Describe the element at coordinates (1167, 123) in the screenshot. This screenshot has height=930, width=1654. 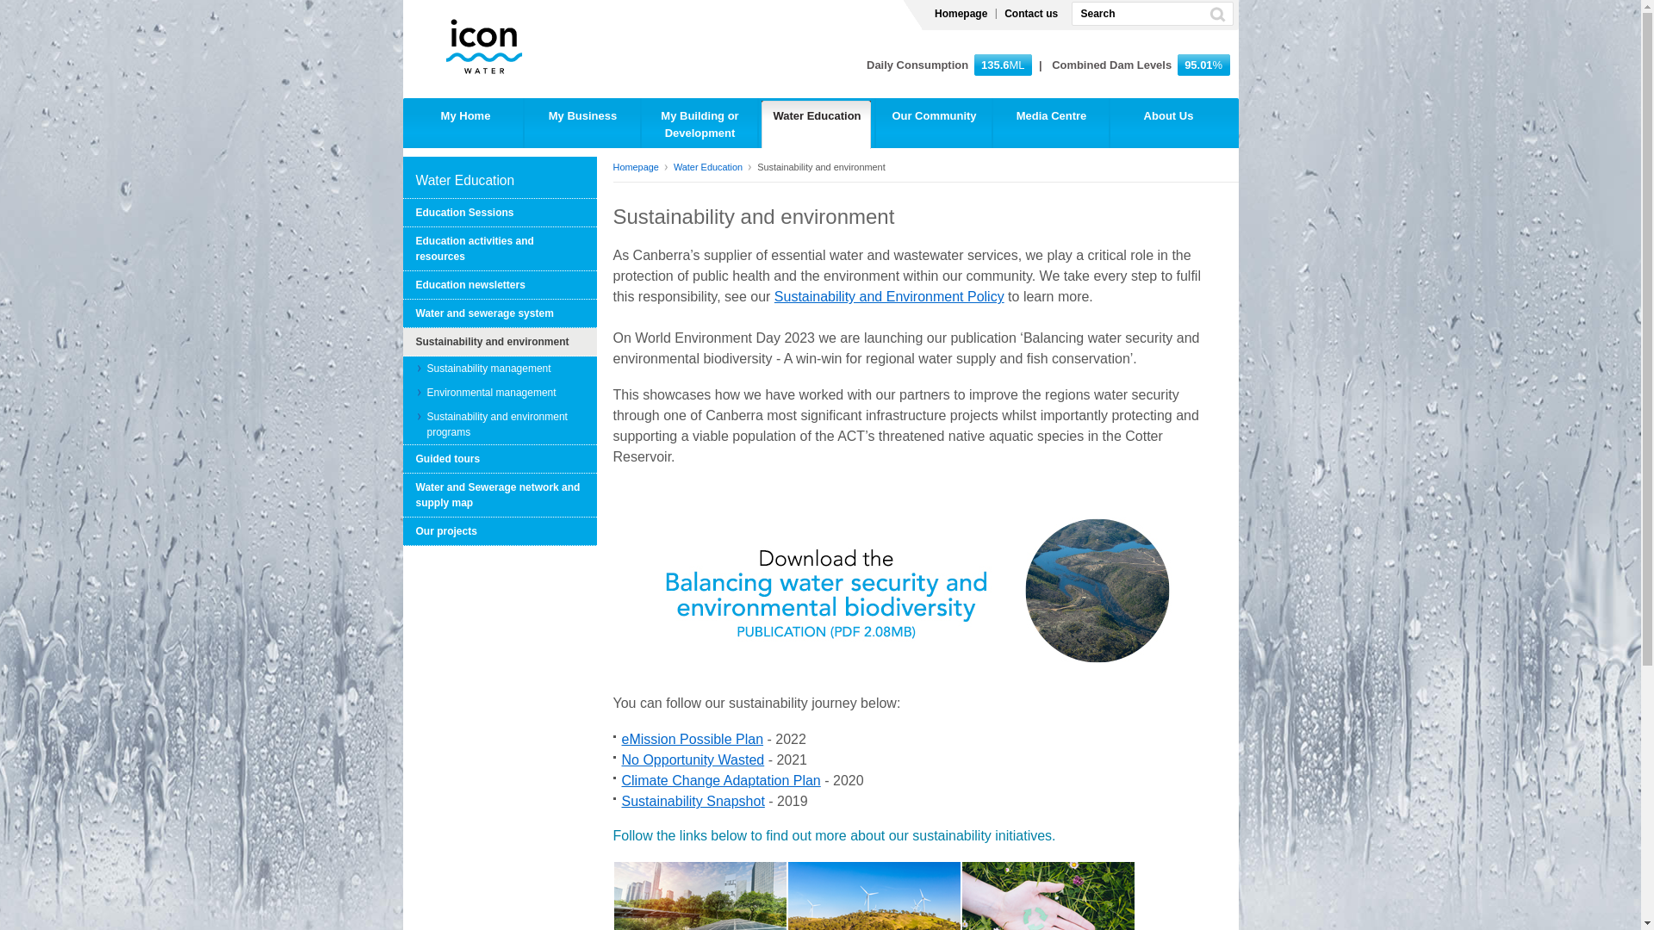
I see `'About Us'` at that location.